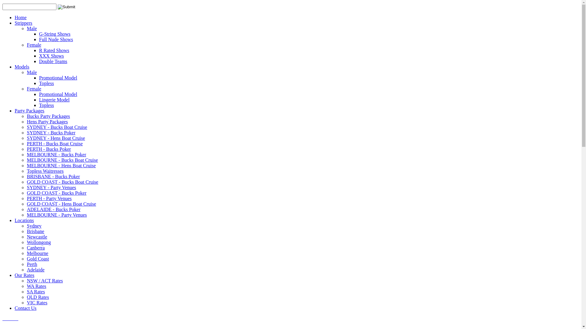 The width and height of the screenshot is (586, 329). Describe the element at coordinates (34, 89) in the screenshot. I see `'Female'` at that location.